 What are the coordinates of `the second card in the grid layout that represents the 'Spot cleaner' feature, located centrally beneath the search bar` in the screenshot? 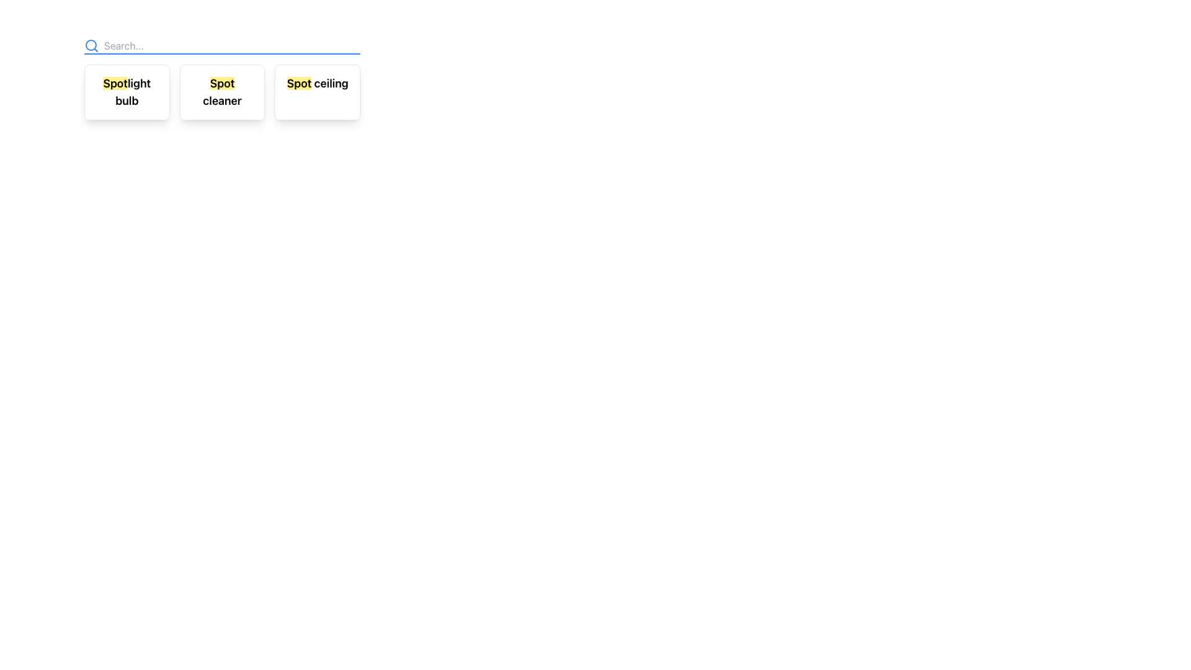 It's located at (222, 79).